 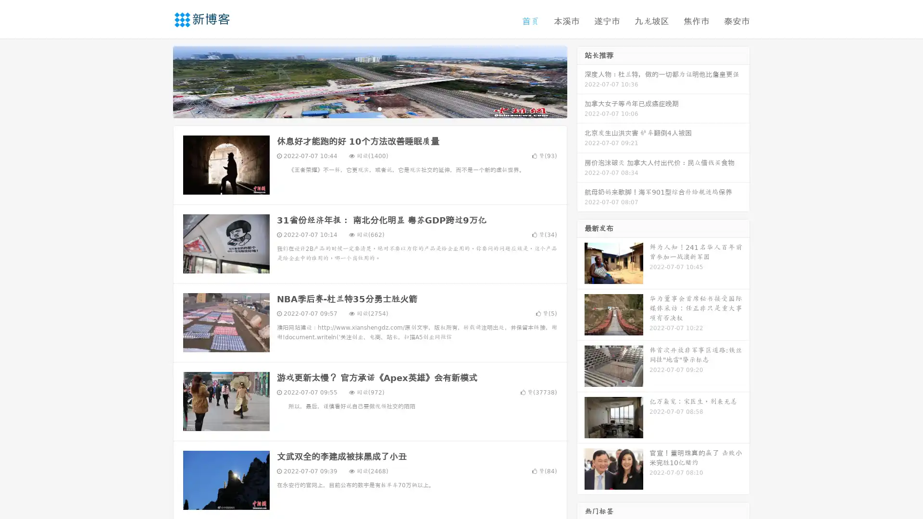 I want to click on Go to slide 2, so click(x=369, y=108).